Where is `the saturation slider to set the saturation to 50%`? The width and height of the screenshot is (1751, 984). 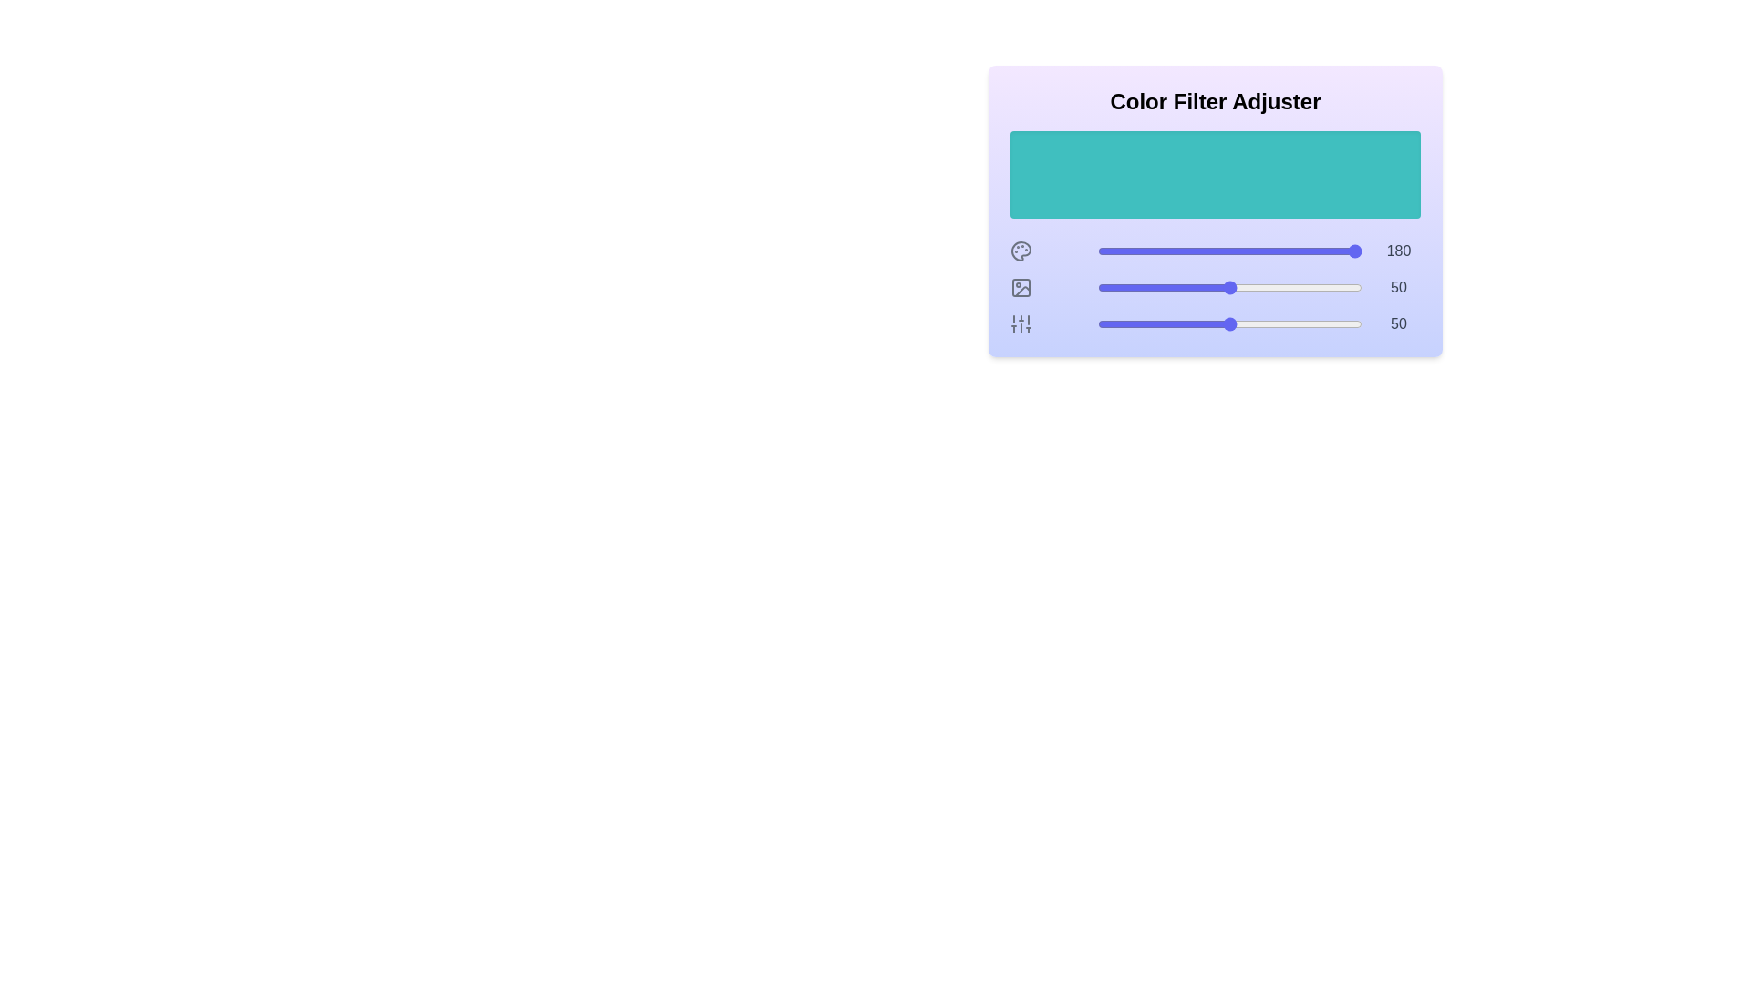 the saturation slider to set the saturation to 50% is located at coordinates (1229, 287).